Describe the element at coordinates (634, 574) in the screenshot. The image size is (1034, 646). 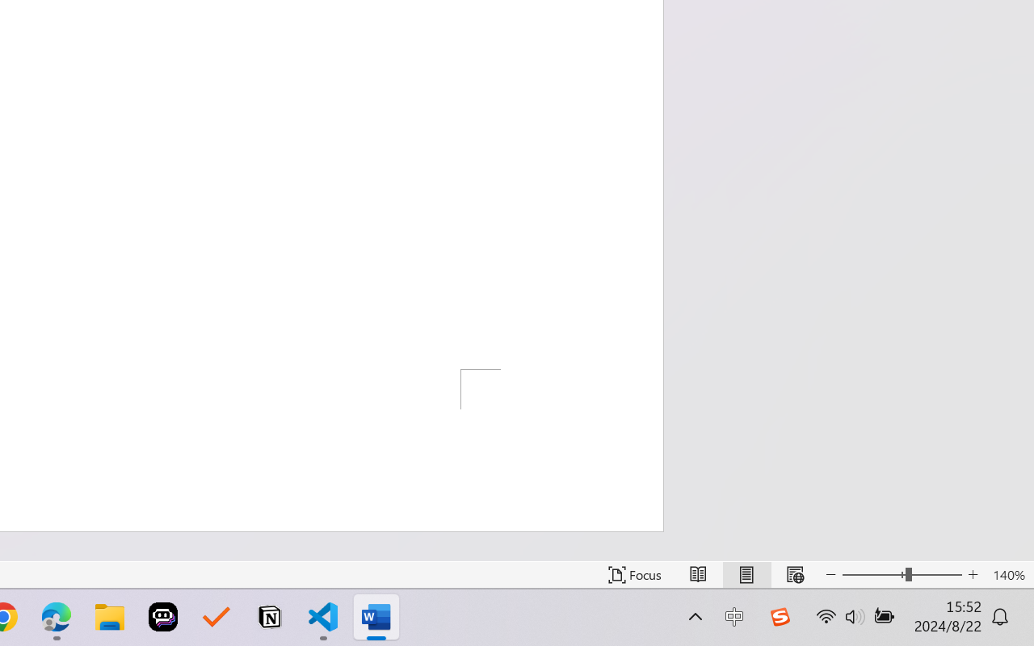
I see `'Focus '` at that location.